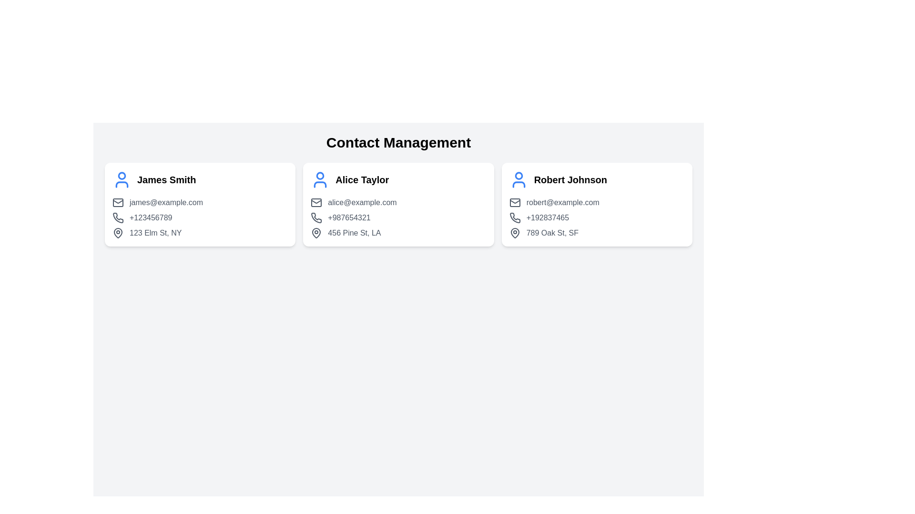 The height and width of the screenshot is (514, 915). What do you see at coordinates (514, 233) in the screenshot?
I see `the map pin icon in the third contact card, located below the phone number and next to the address '789 Oak St, SF'` at bounding box center [514, 233].